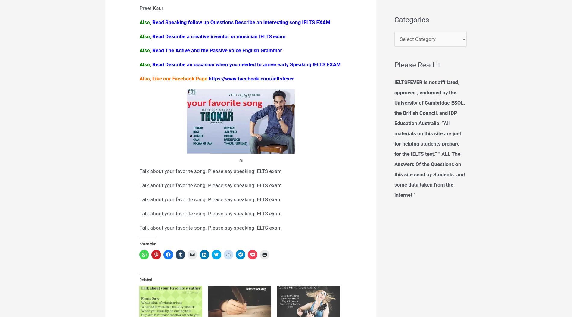 The height and width of the screenshot is (317, 572). Describe the element at coordinates (251, 78) in the screenshot. I see `'https://www.facebook.com/ieltsfever'` at that location.